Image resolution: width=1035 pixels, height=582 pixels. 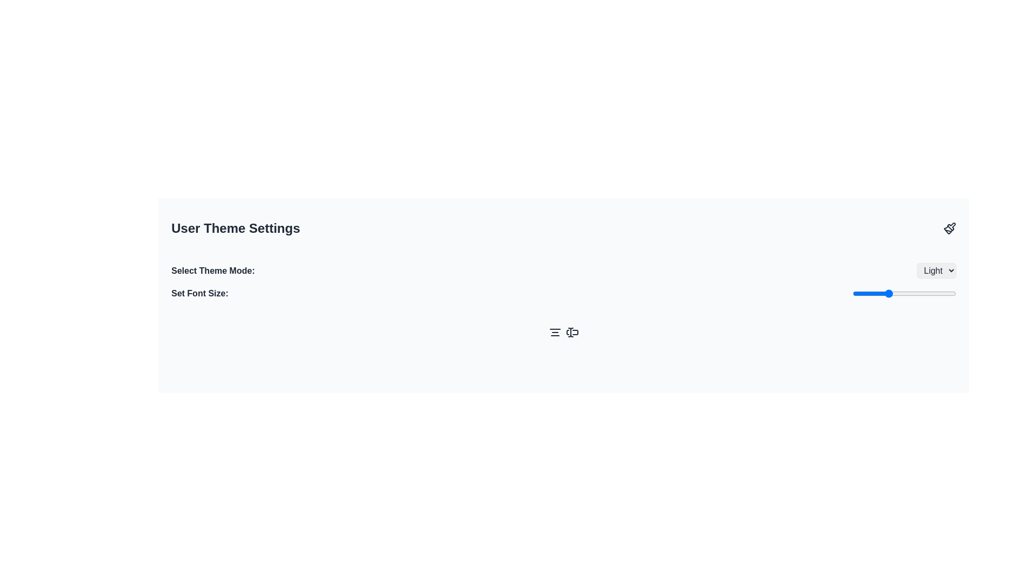 I want to click on the dropdown menu displaying 'Light', so click(x=936, y=270).